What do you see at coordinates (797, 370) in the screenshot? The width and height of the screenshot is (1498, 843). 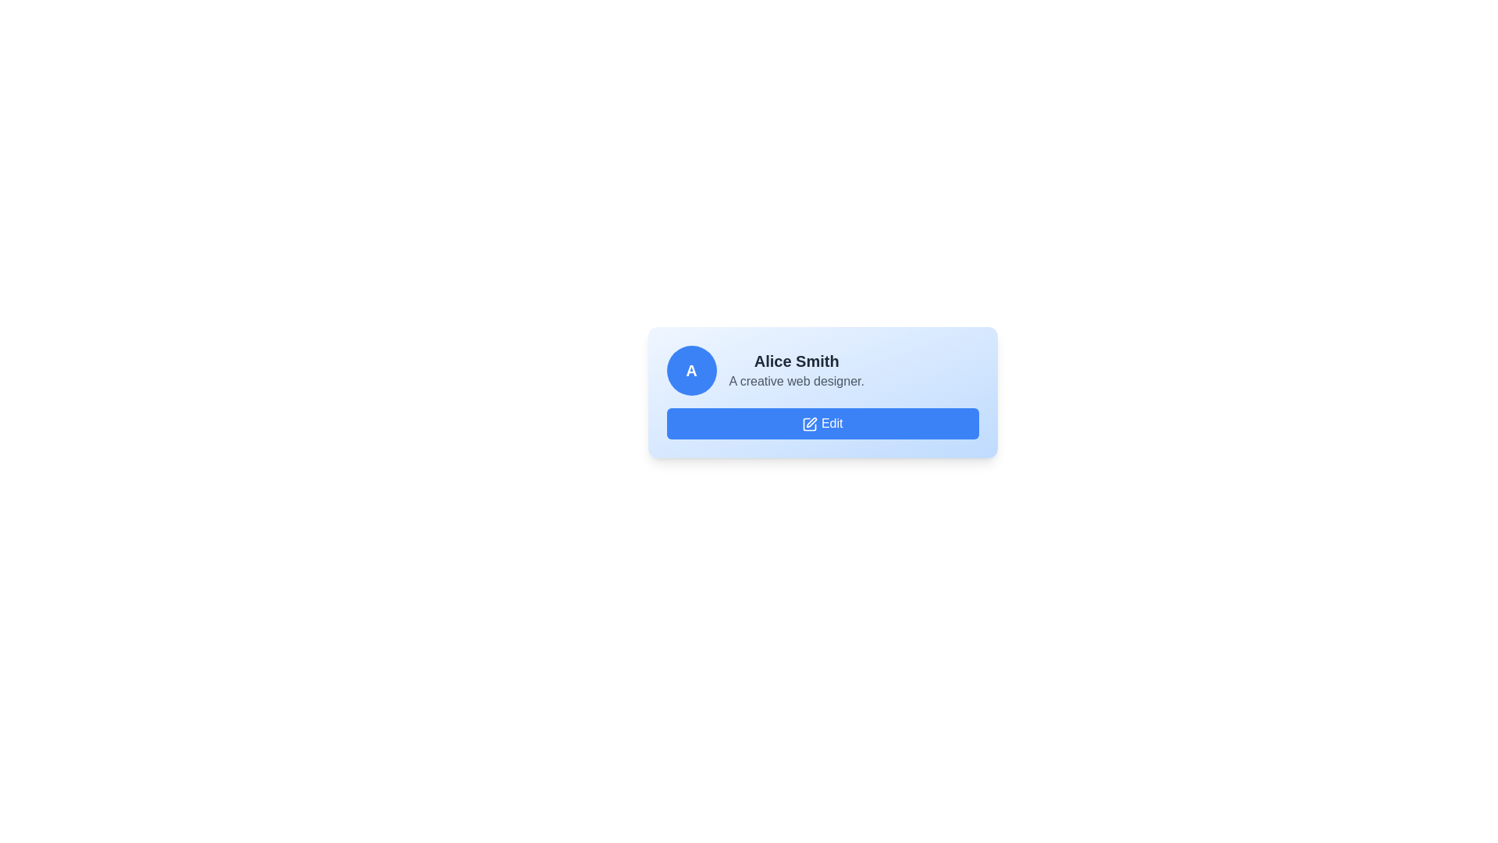 I see `the text display section that presents the user's name and brief description, located to the right of the circular icon with 'A' and above the 'Edit' button` at bounding box center [797, 370].